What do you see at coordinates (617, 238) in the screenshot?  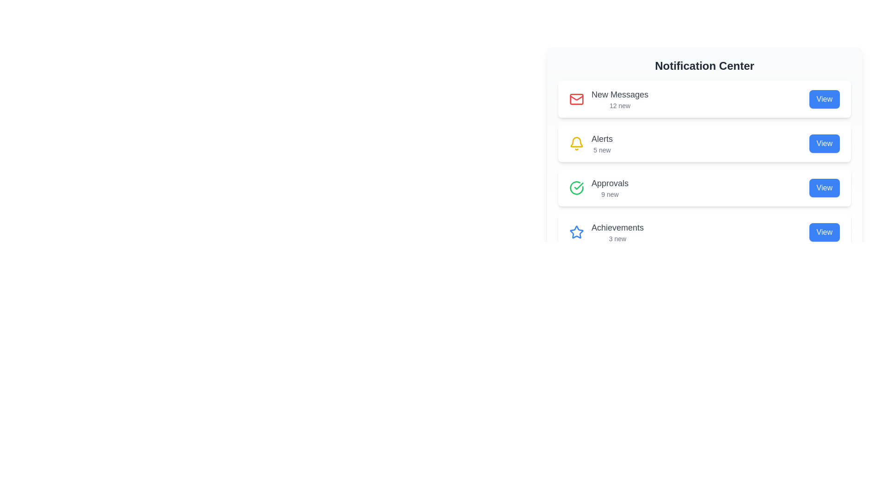 I see `text of the '3 new' label located beneath the 'Achievements' title within the Achievements notification card` at bounding box center [617, 238].